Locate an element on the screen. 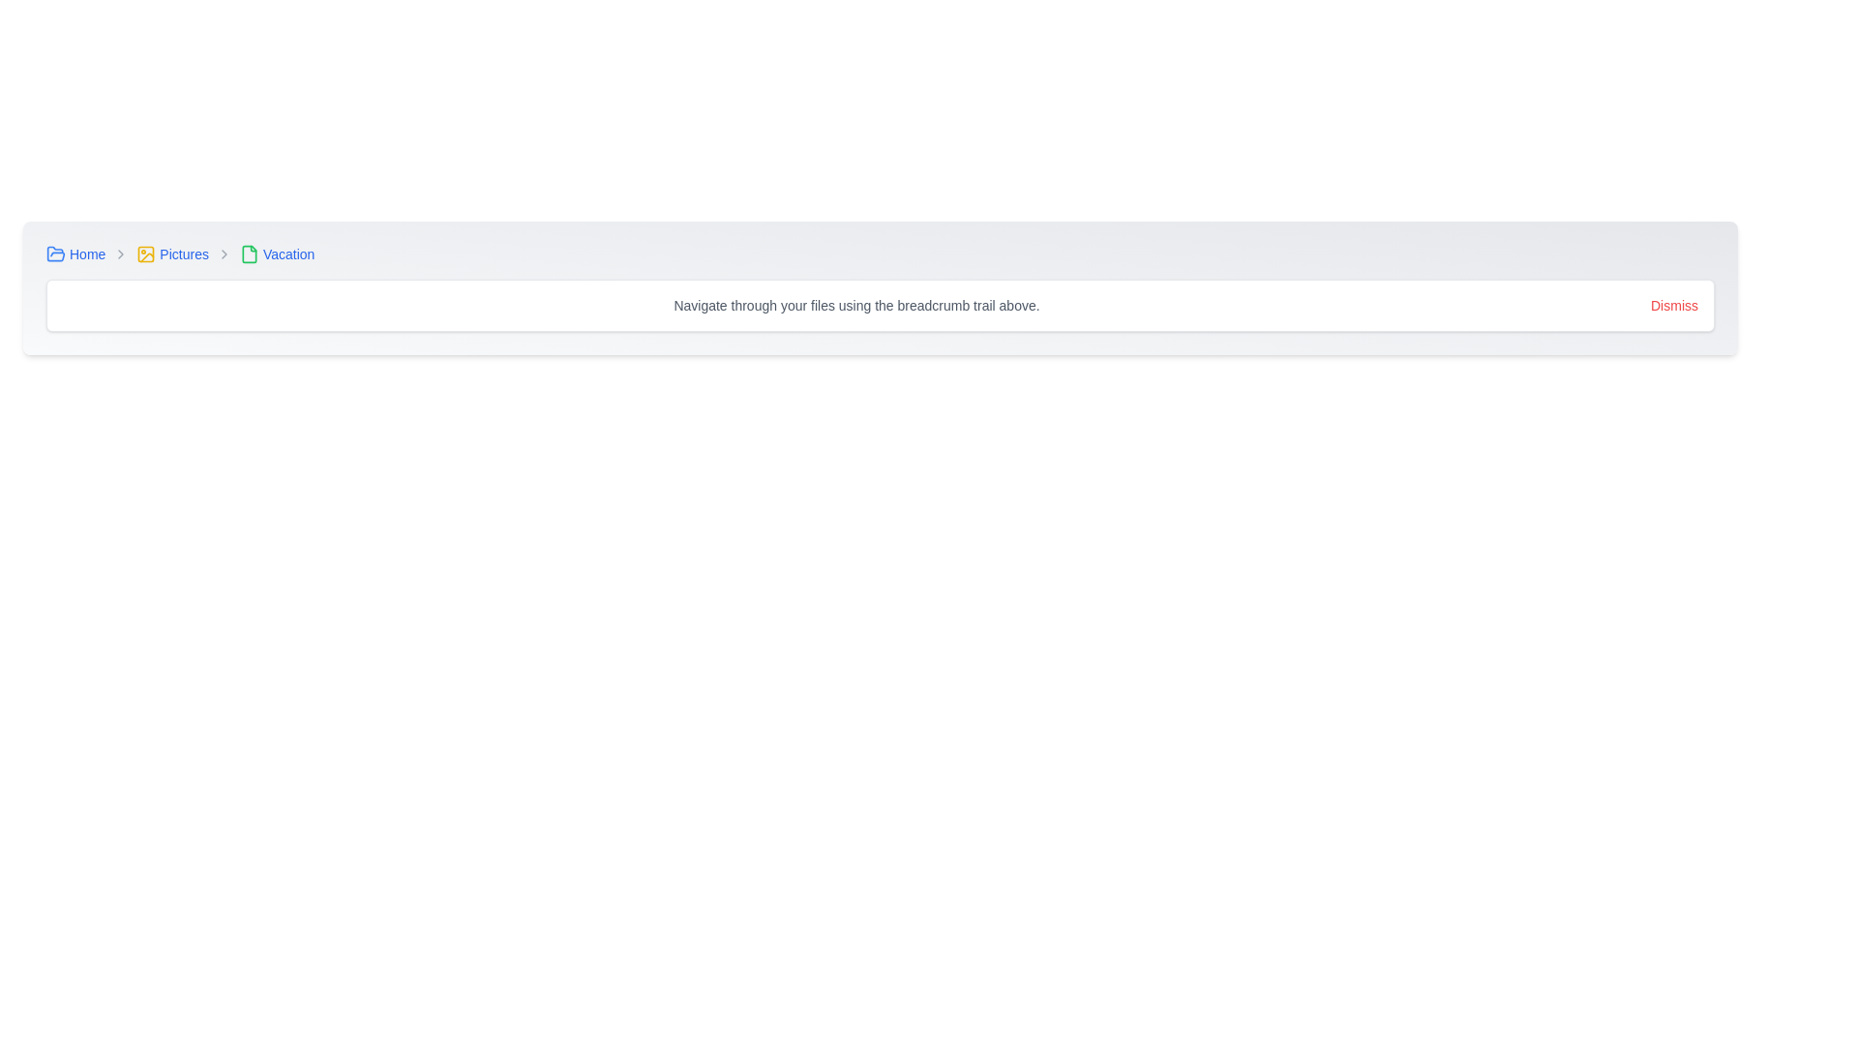 The width and height of the screenshot is (1858, 1045). the right-pointing chevron icon in the breadcrumb navigation is located at coordinates (224, 253).